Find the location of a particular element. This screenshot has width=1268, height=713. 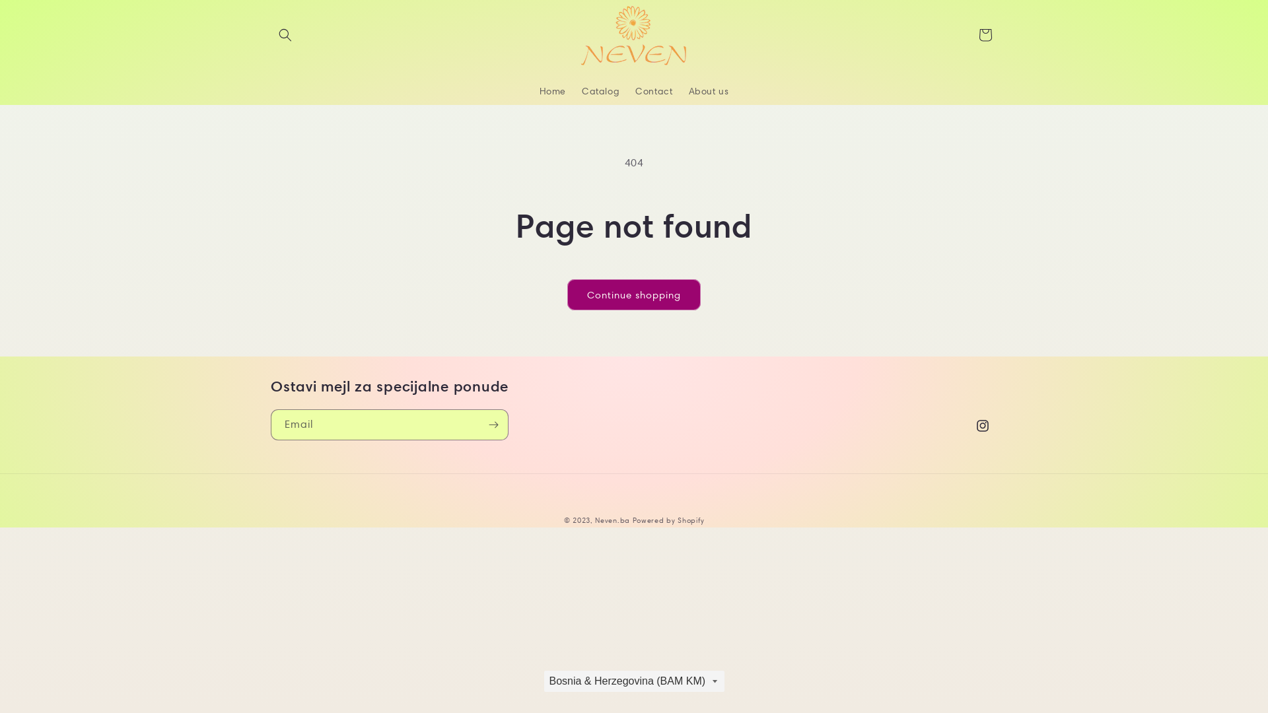

'Neven.ba' is located at coordinates (612, 519).